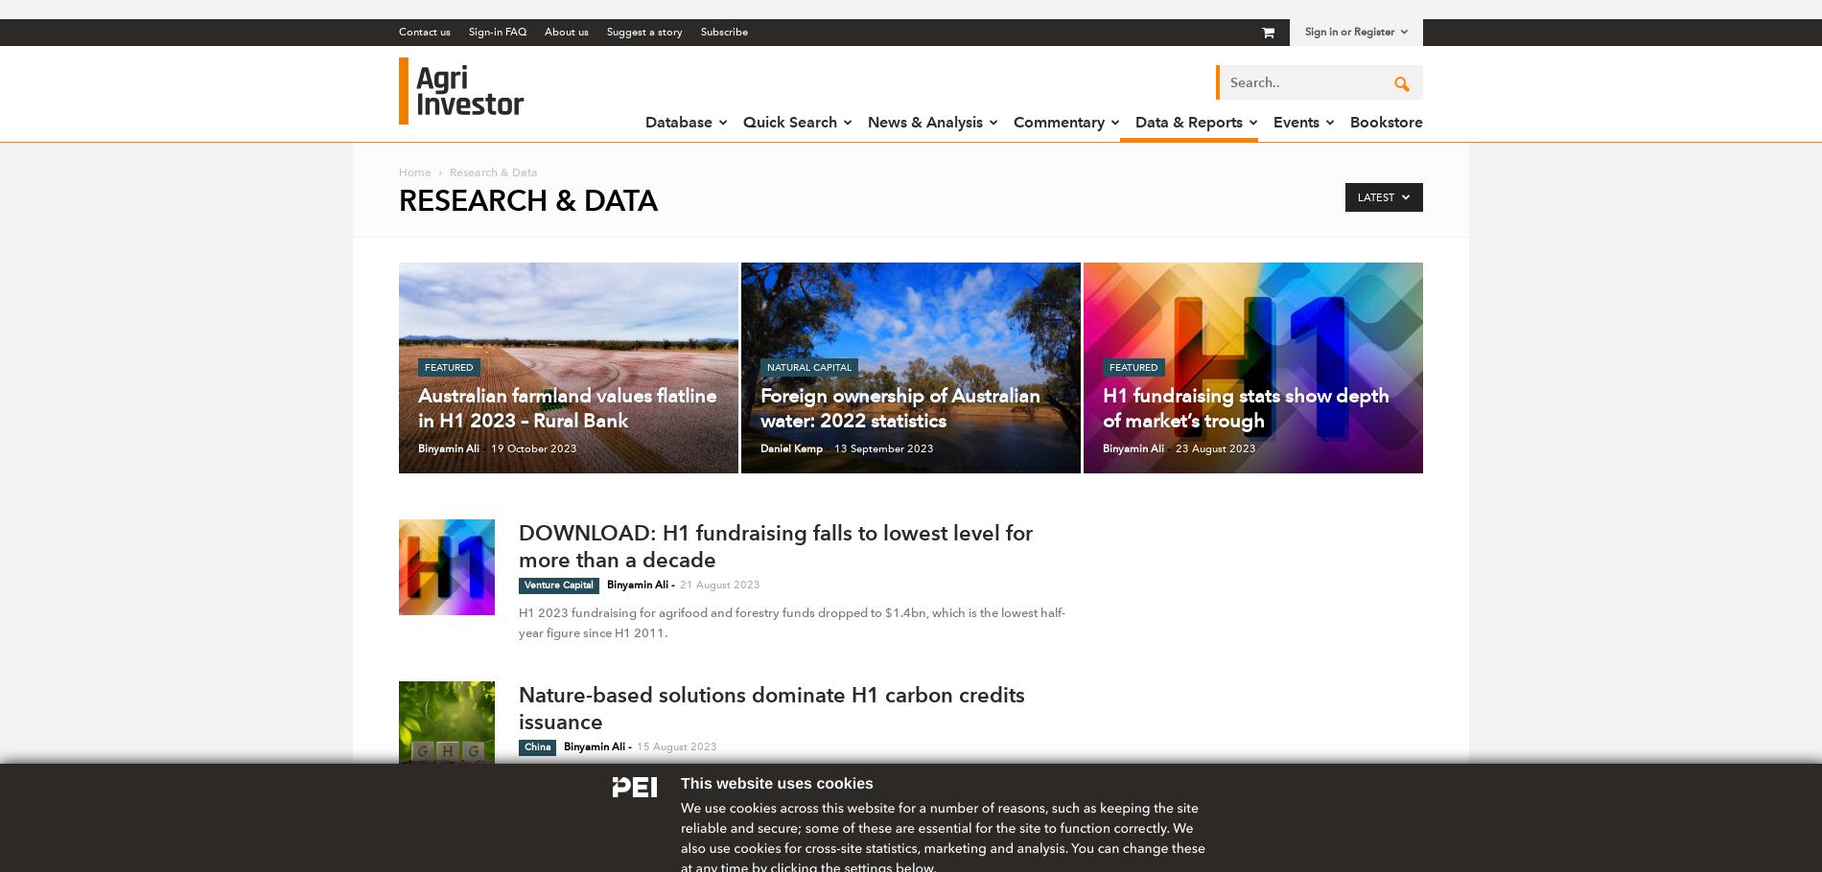 The image size is (1822, 872). What do you see at coordinates (498, 31) in the screenshot?
I see `'Sign-in FAQ'` at bounding box center [498, 31].